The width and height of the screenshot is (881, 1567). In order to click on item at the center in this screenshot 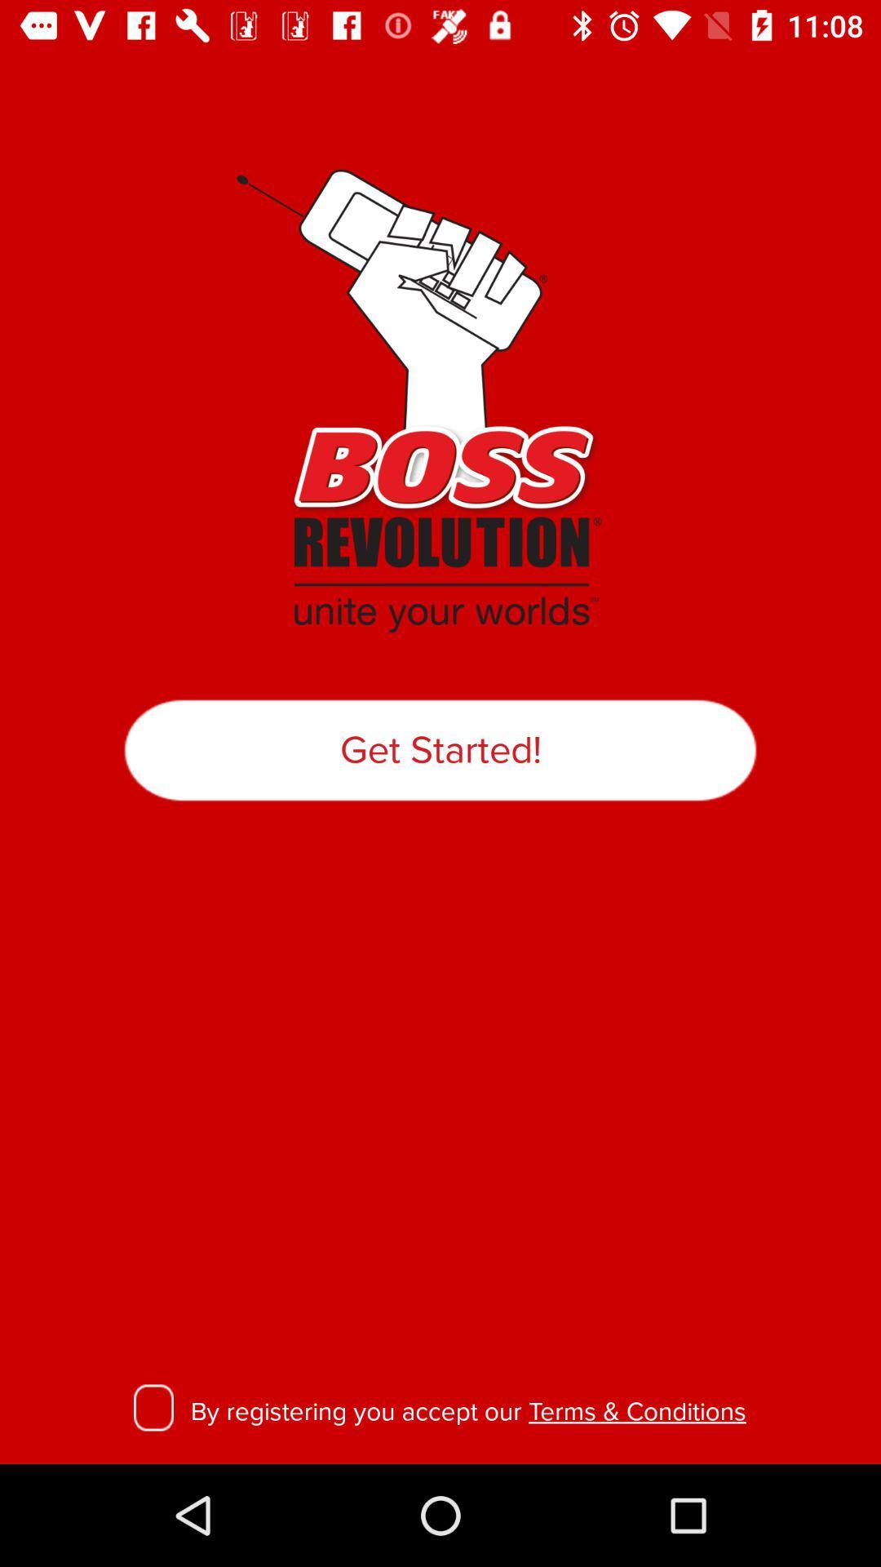, I will do `click(440, 749)`.